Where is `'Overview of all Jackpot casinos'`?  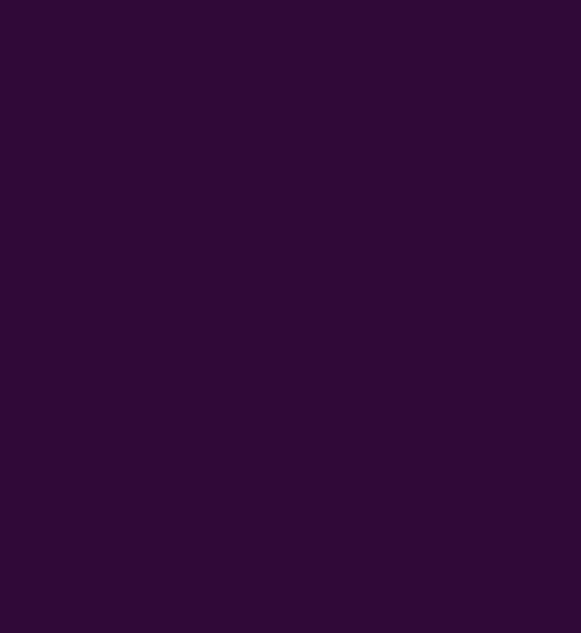 'Overview of all Jackpot casinos' is located at coordinates (161, 496).